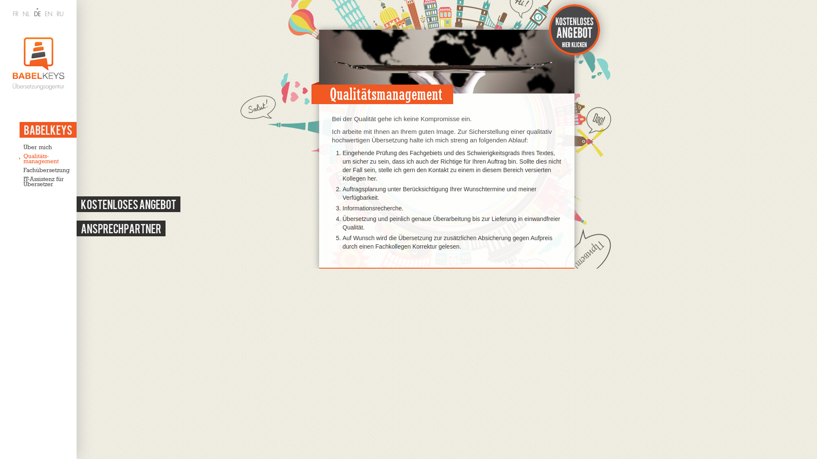  I want to click on 'RU', so click(60, 14).